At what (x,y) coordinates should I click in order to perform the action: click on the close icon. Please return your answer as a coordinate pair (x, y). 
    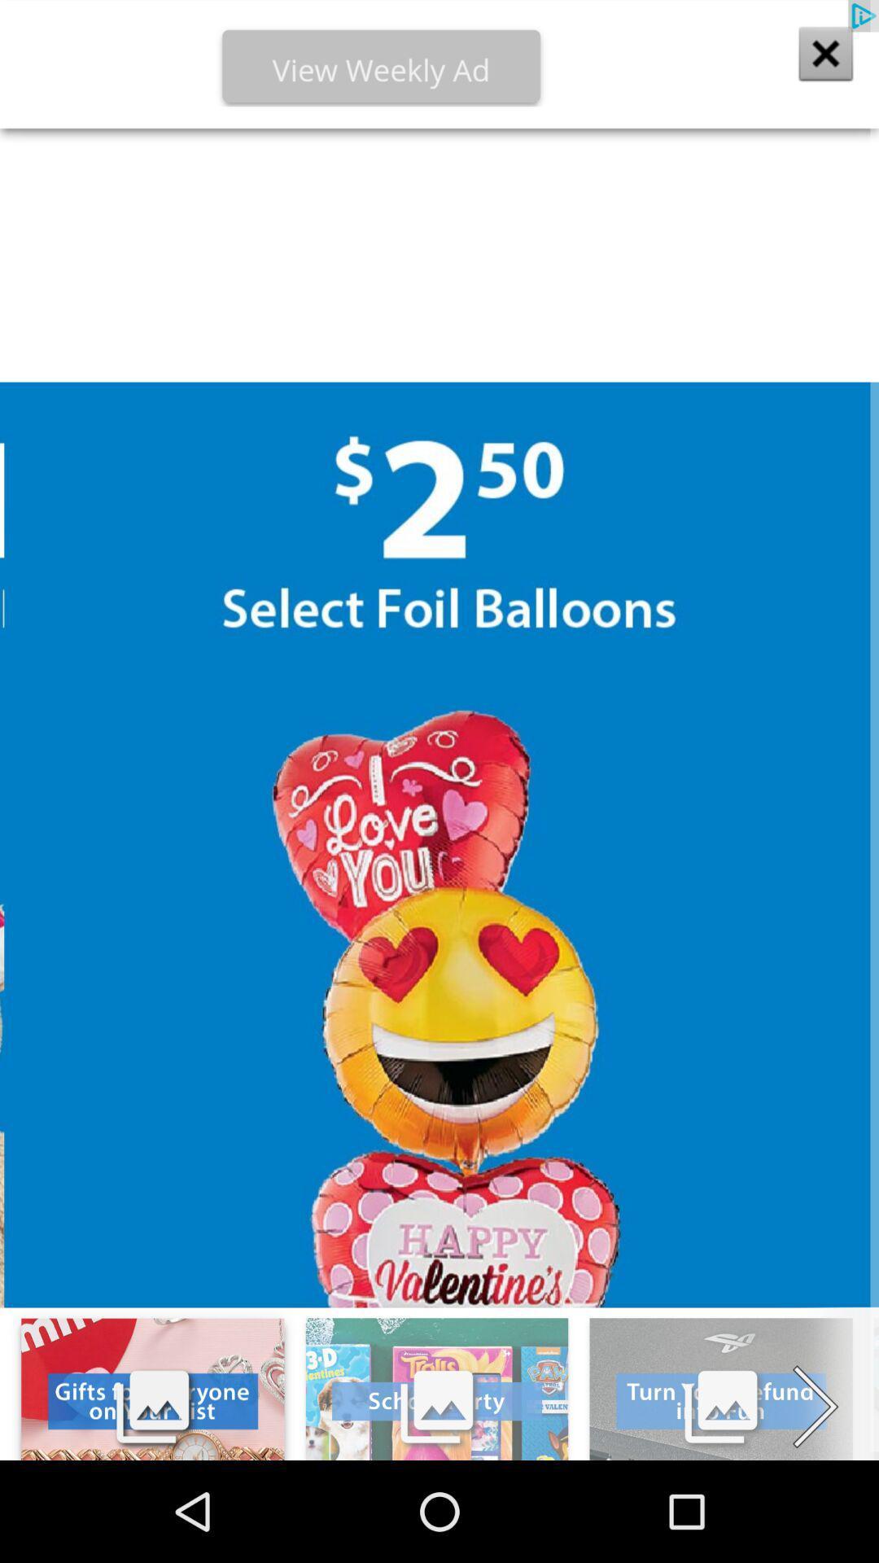
    Looking at the image, I should click on (825, 57).